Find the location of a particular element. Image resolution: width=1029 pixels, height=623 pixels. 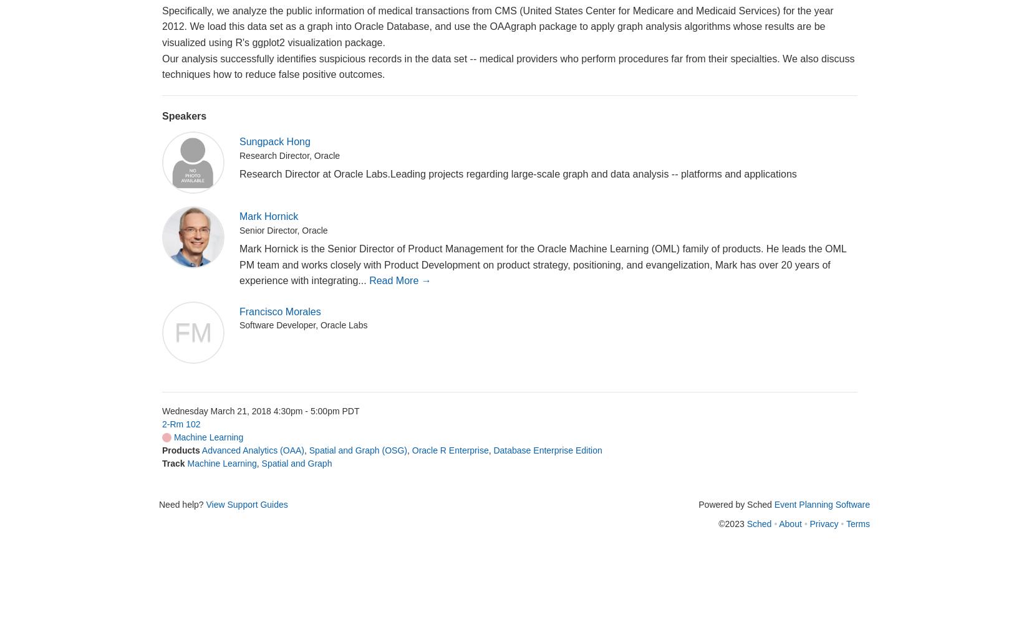

'Software Developer, Oracle Labs' is located at coordinates (302, 325).